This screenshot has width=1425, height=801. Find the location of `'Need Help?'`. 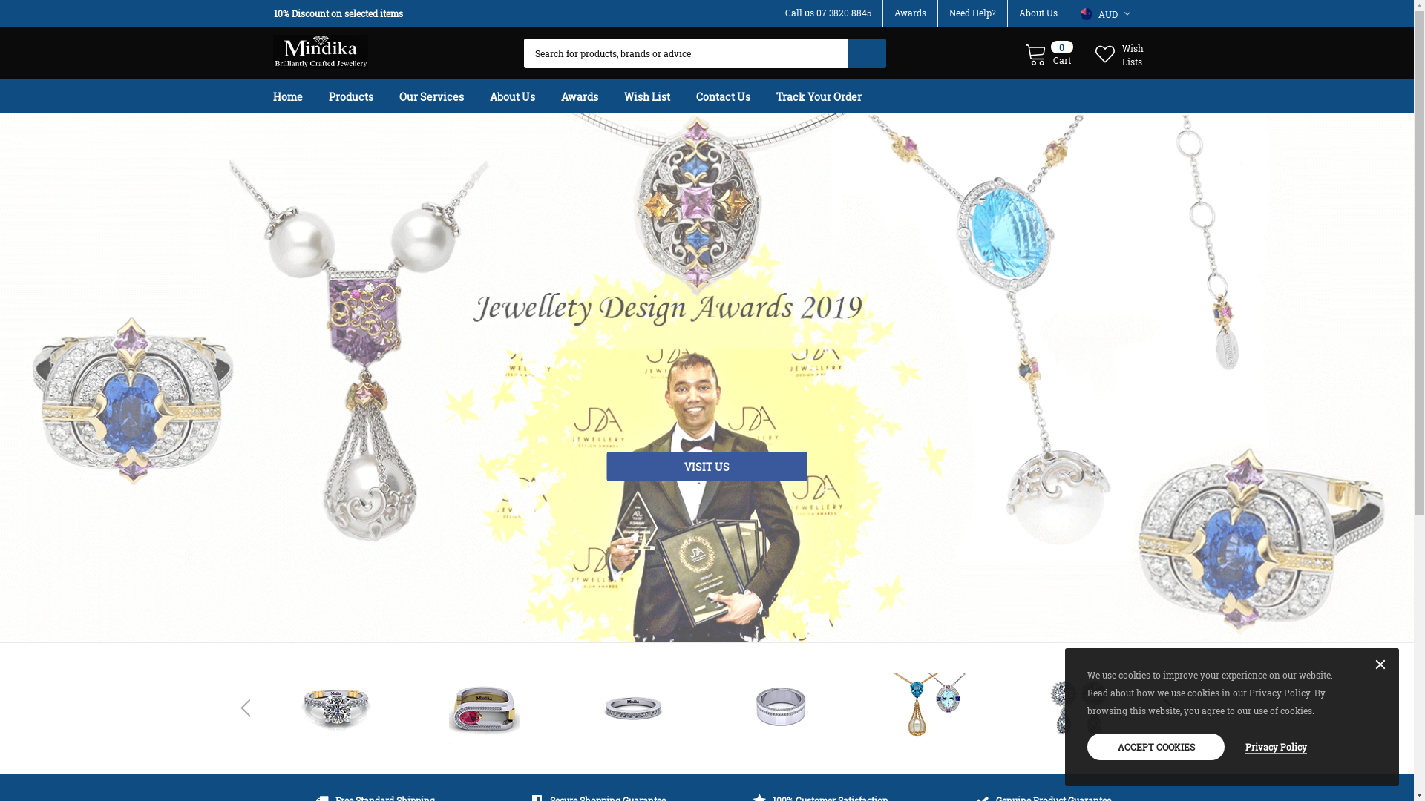

'Need Help?' is located at coordinates (972, 12).